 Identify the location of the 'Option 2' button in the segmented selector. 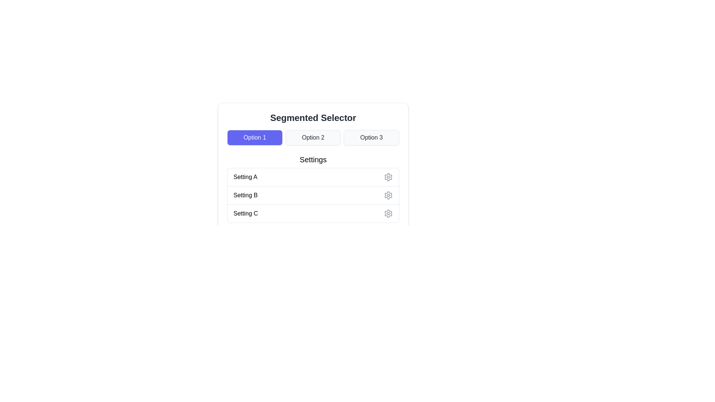
(313, 138).